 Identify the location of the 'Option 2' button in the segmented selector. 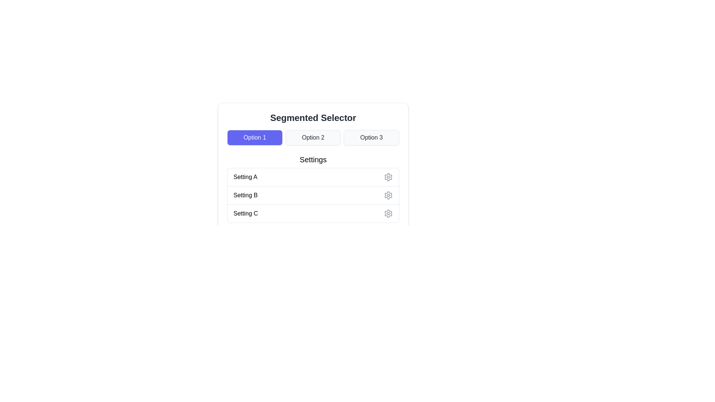
(313, 138).